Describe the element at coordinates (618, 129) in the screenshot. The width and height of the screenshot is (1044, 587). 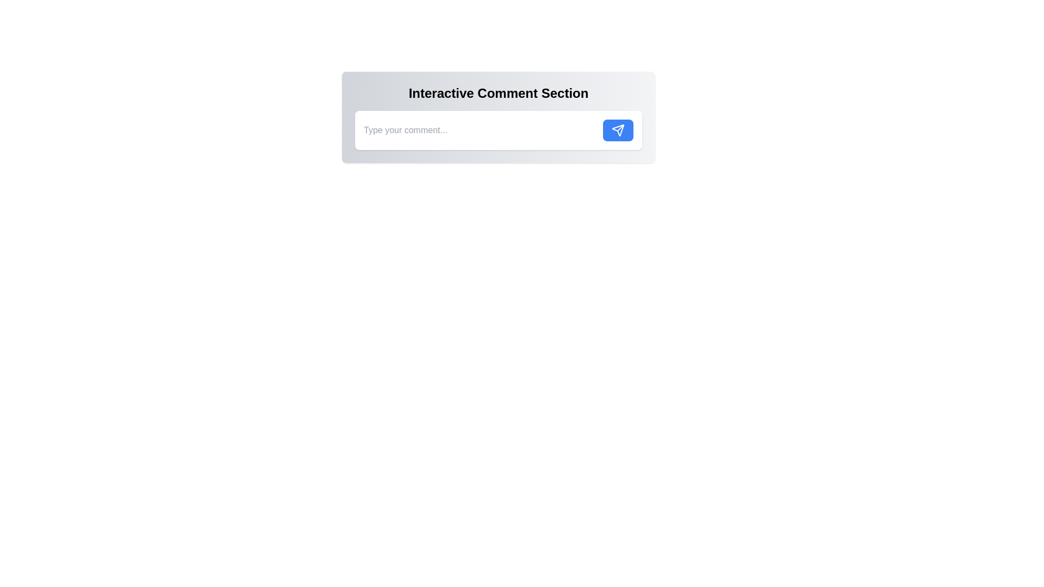
I see `the triangular arrow-like icon that suggests send or forward functionality, located on the right side of the text input box in the comment section` at that location.